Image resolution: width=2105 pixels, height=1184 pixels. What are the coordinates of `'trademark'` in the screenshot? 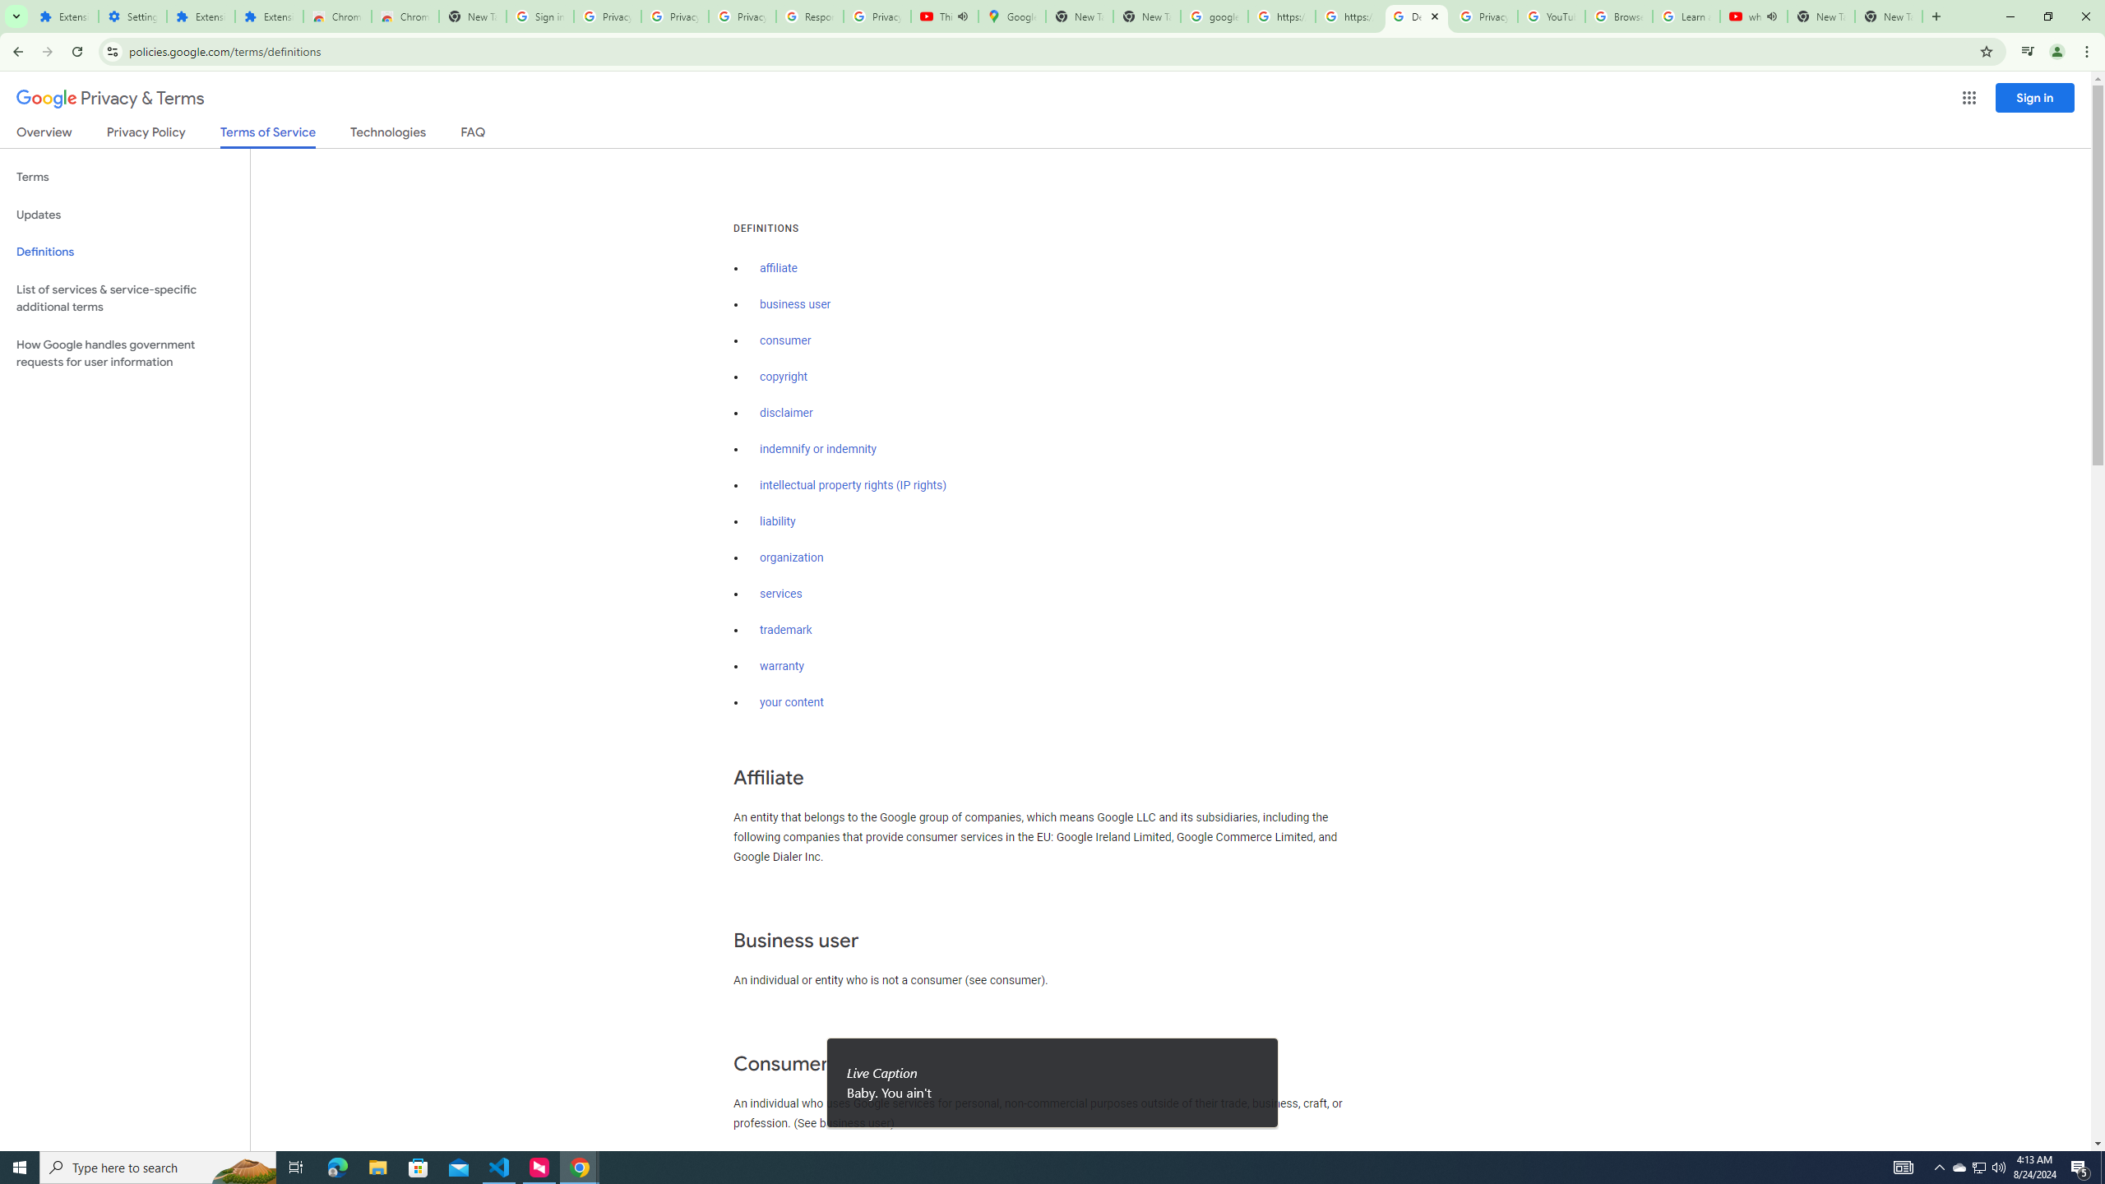 It's located at (785, 629).